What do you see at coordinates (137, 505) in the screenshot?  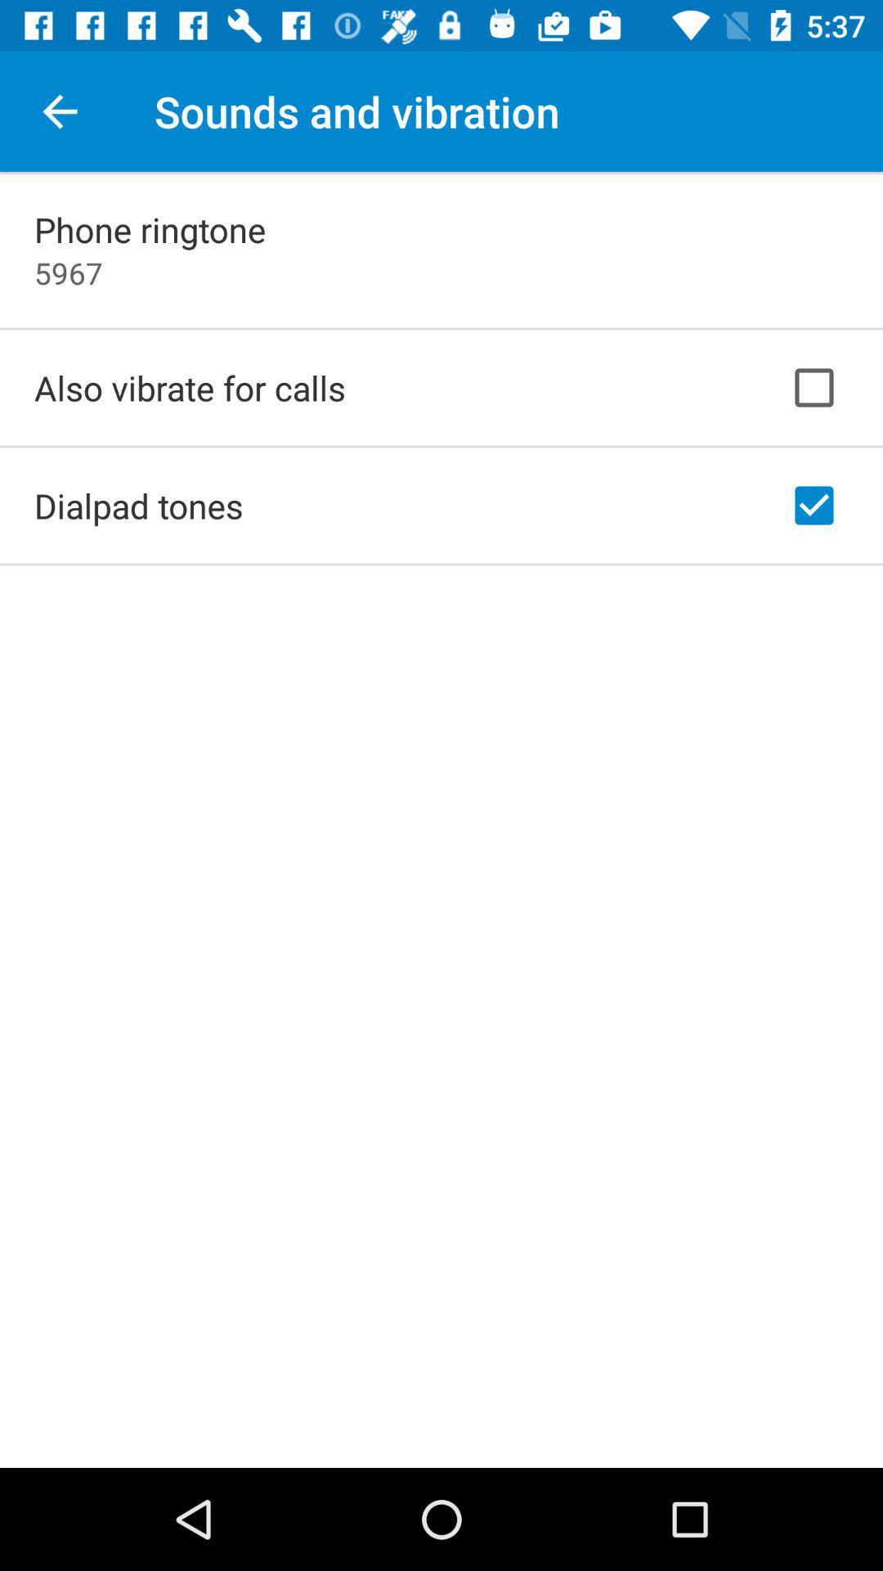 I see `dialpad tones icon` at bounding box center [137, 505].